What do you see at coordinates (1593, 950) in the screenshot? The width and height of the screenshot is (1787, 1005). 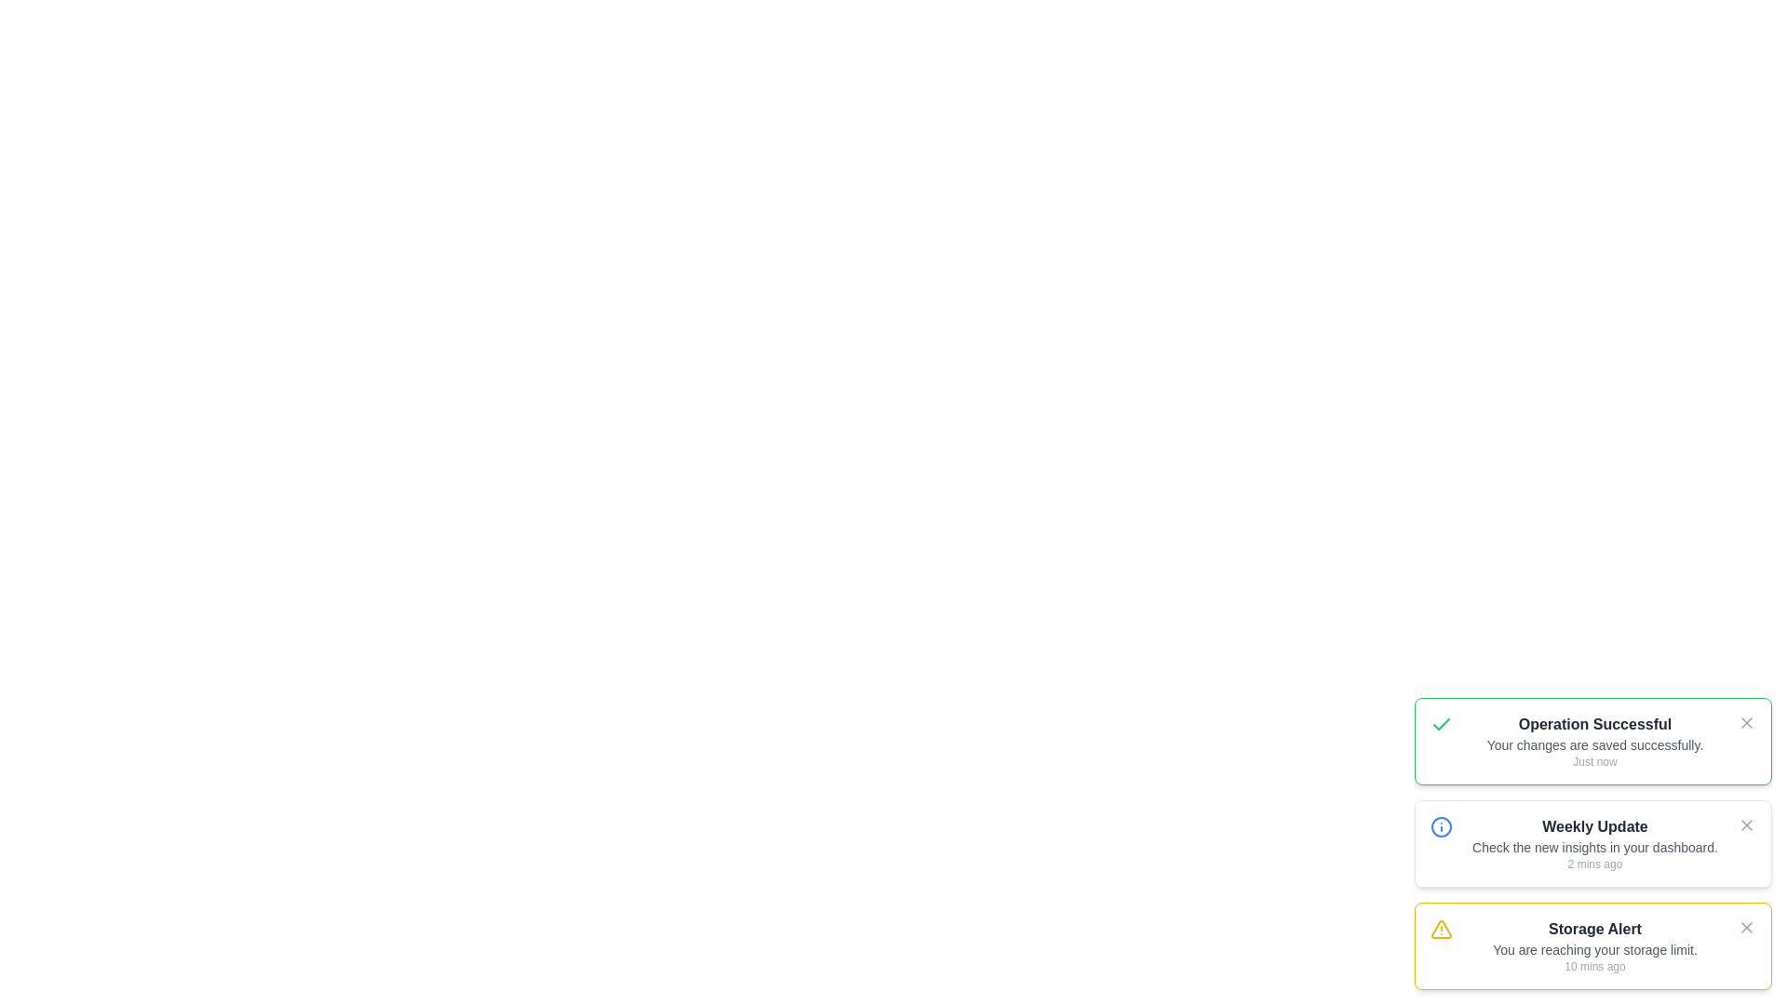 I see `the warning message text label that informs the user about reaching their storage limit, which is centrally aligned within the notification box` at bounding box center [1593, 950].